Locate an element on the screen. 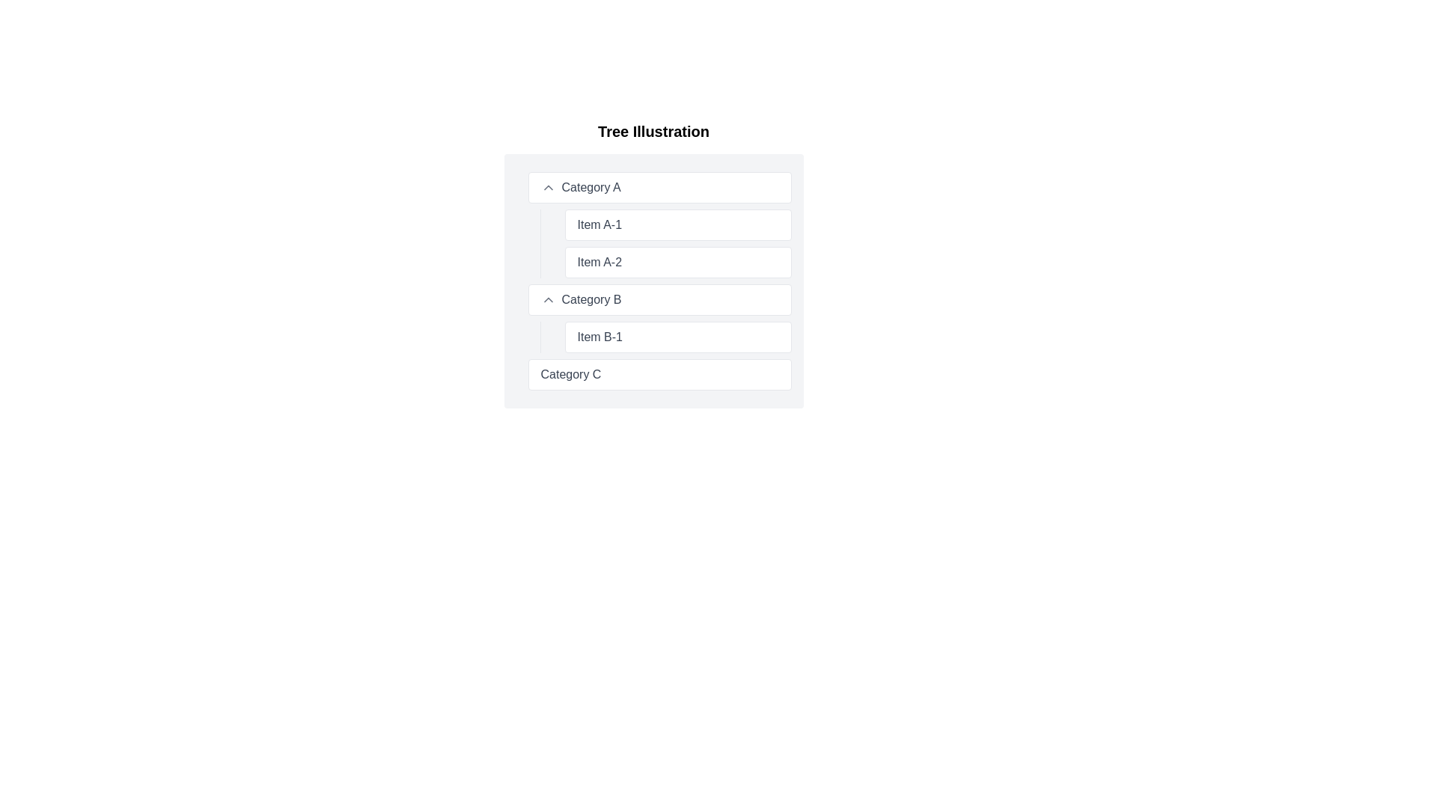  the chevron icon located to the left of the text 'Category B' is located at coordinates (547, 300).